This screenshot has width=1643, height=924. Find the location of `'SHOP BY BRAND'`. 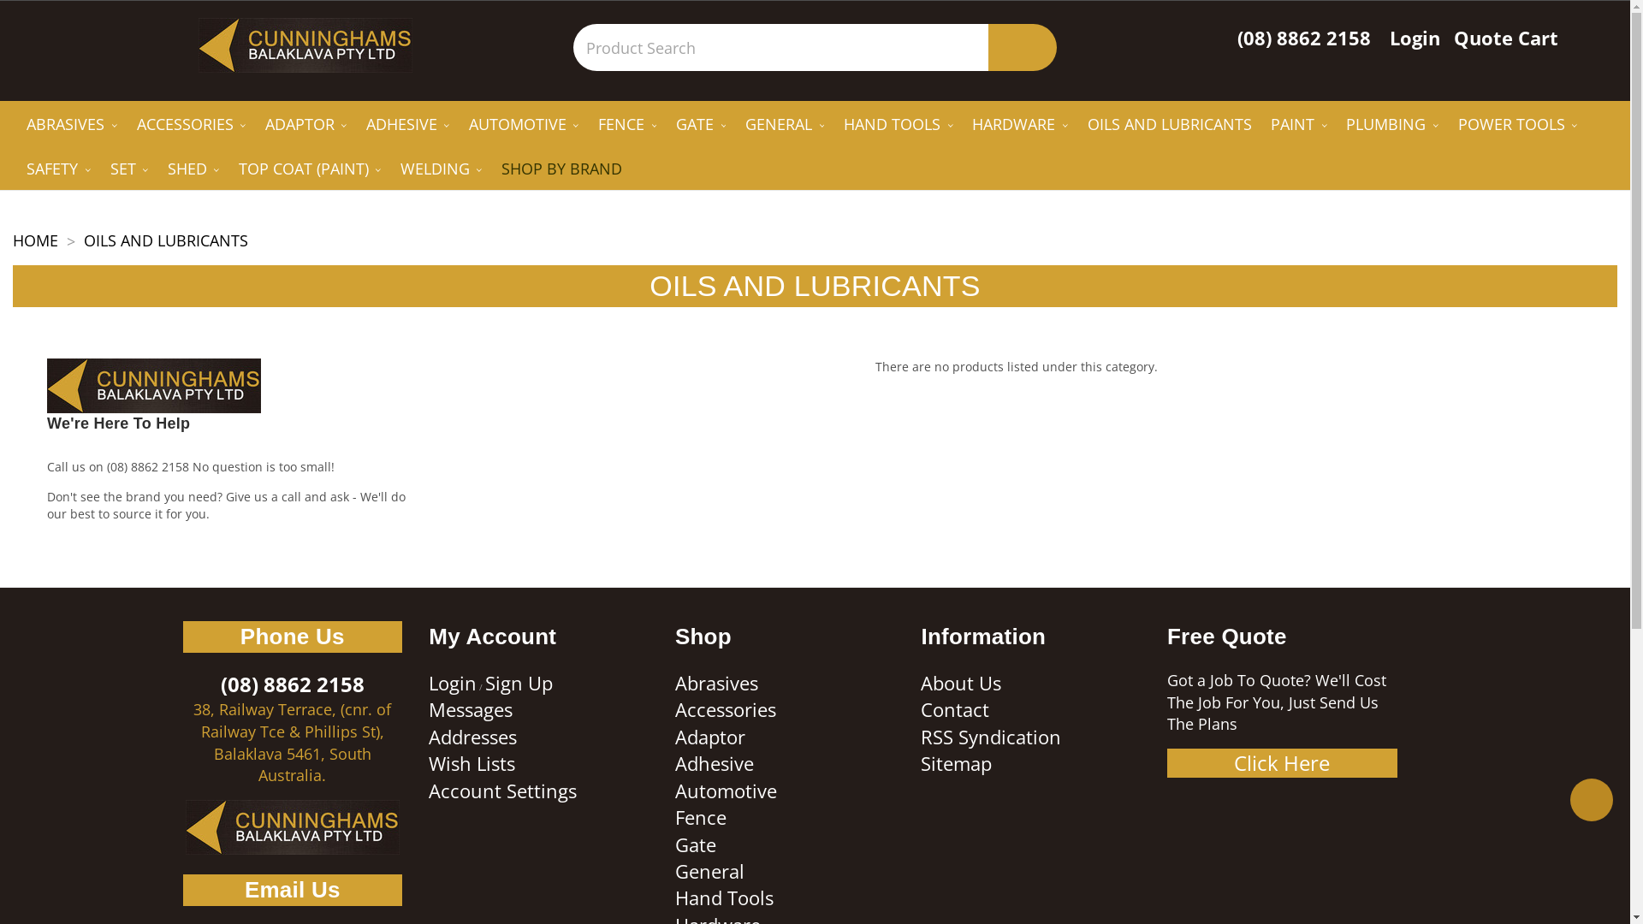

'SHOP BY BRAND' is located at coordinates (562, 170).